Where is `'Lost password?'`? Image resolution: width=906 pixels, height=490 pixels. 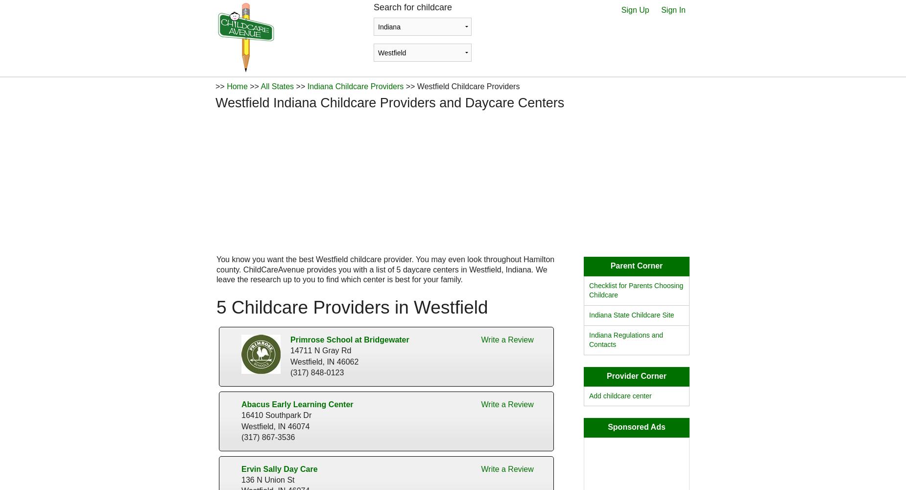
'Lost password?' is located at coordinates (494, 159).